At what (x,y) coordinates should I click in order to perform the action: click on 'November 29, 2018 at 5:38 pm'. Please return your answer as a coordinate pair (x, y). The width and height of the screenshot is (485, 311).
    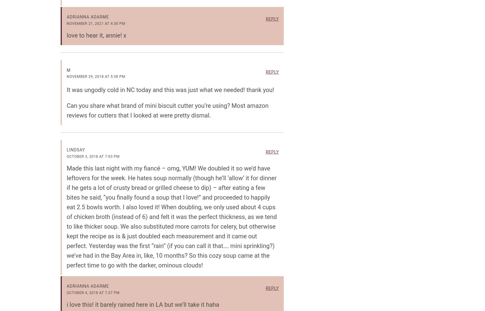
    Looking at the image, I should click on (96, 76).